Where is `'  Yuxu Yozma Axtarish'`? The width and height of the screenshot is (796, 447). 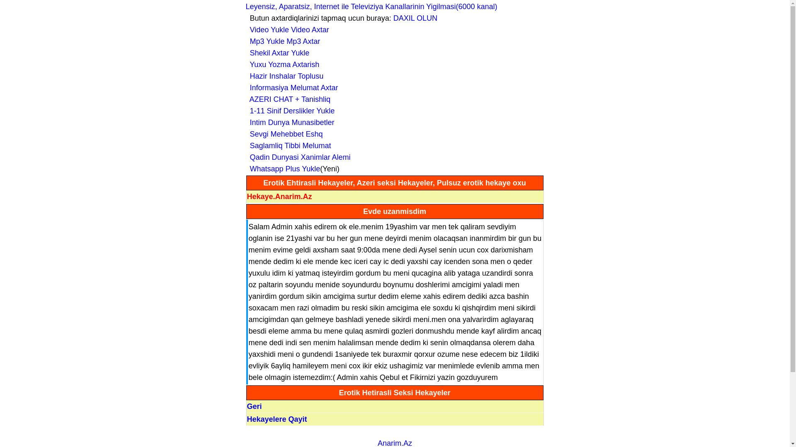
'  Yuxu Yozma Axtarish' is located at coordinates (282, 64).